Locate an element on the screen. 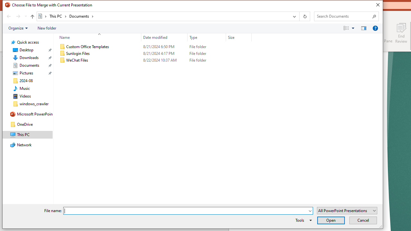 This screenshot has height=231, width=411. 'Up band toolbar' is located at coordinates (32, 17).